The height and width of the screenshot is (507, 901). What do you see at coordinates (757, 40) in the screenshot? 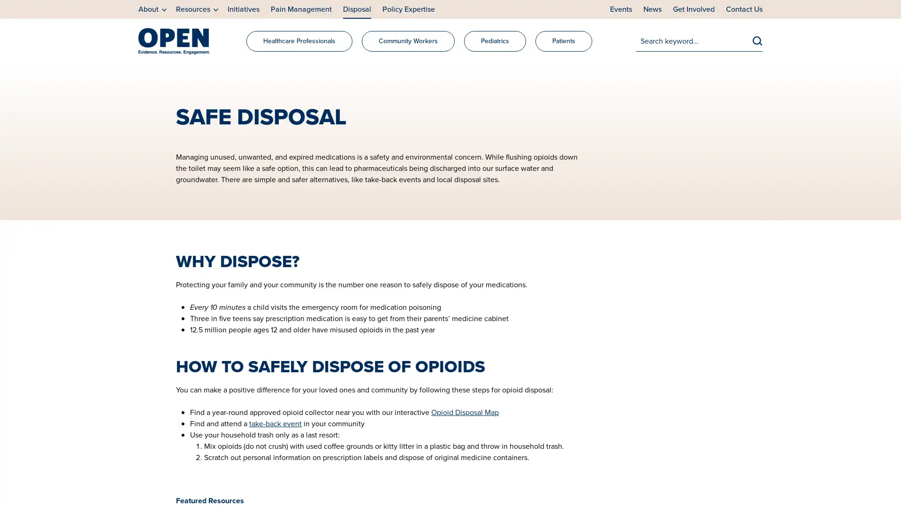
I see `SEARCH` at bounding box center [757, 40].